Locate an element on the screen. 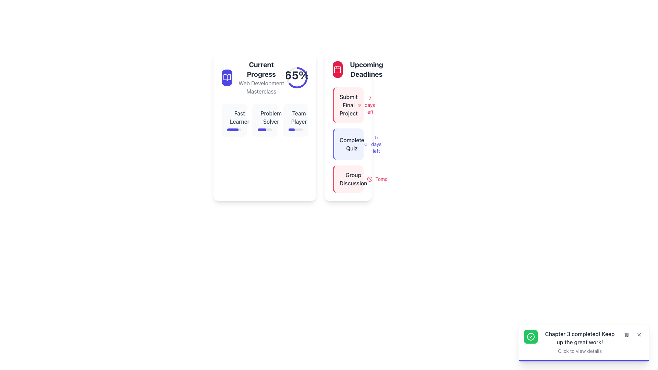  progress bar located below the 'Problem Solver' label in the 'Current Progress' panel, which is filled to 60% with an indigo segment is located at coordinates (264, 129).